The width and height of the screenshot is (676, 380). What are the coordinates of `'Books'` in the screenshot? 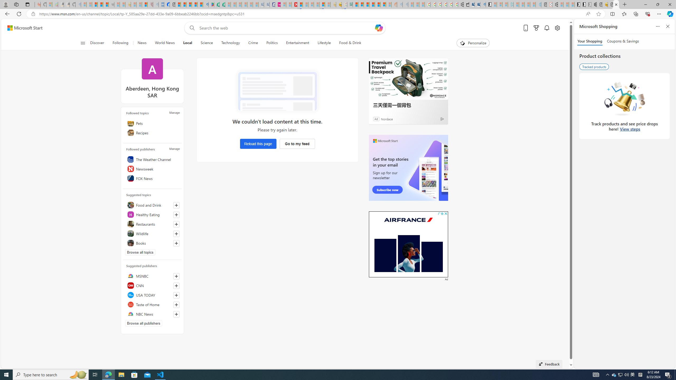 It's located at (152, 243).